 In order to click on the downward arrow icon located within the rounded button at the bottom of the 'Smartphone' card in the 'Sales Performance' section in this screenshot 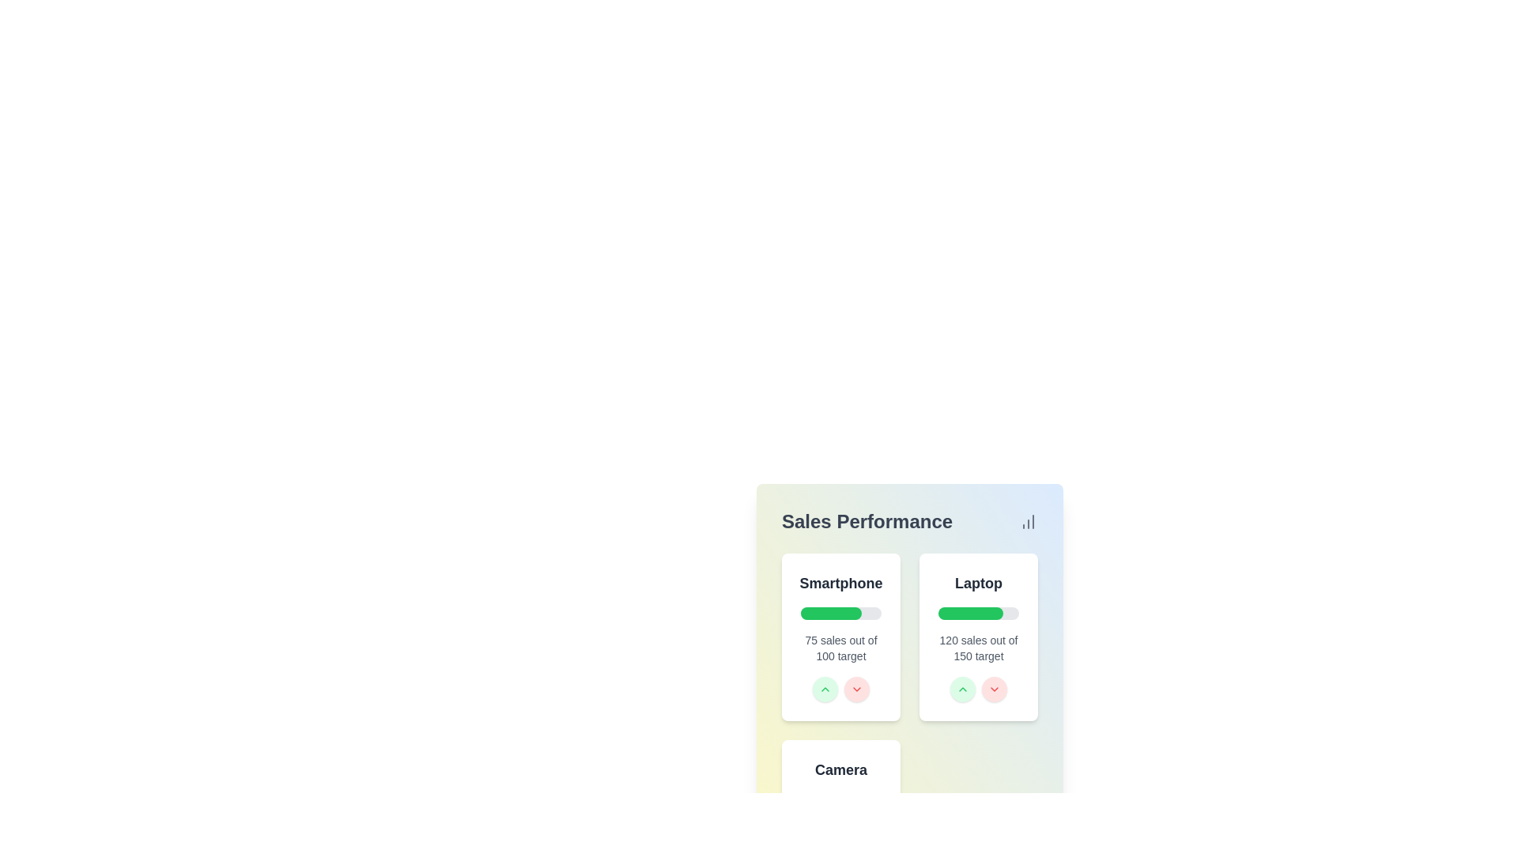, I will do `click(856, 688)`.